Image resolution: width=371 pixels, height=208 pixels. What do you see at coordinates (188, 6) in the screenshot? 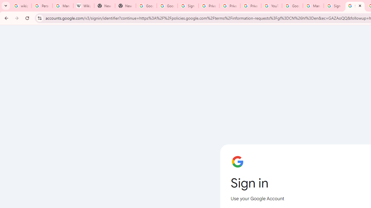
I see `'Sign in - Google Accounts'` at bounding box center [188, 6].